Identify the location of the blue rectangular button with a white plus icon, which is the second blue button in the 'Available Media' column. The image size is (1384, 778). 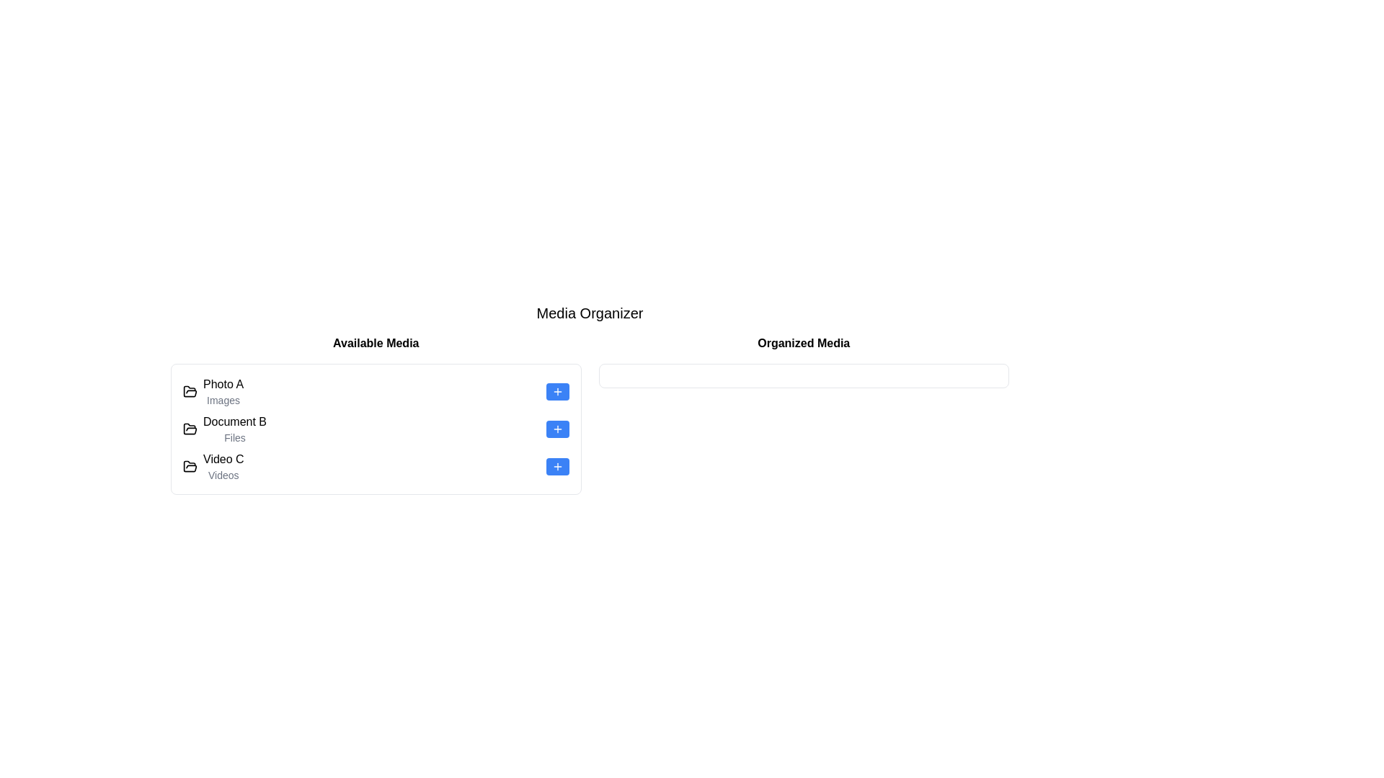
(556, 429).